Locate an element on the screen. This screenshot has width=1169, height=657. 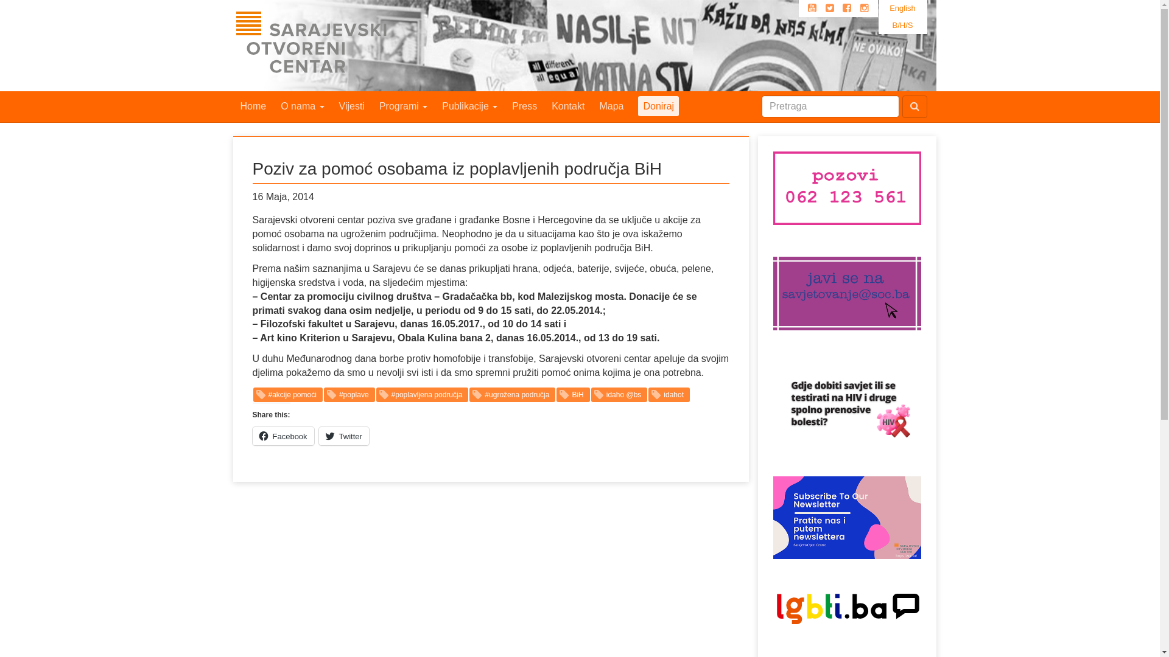
'idahot' is located at coordinates (669, 394).